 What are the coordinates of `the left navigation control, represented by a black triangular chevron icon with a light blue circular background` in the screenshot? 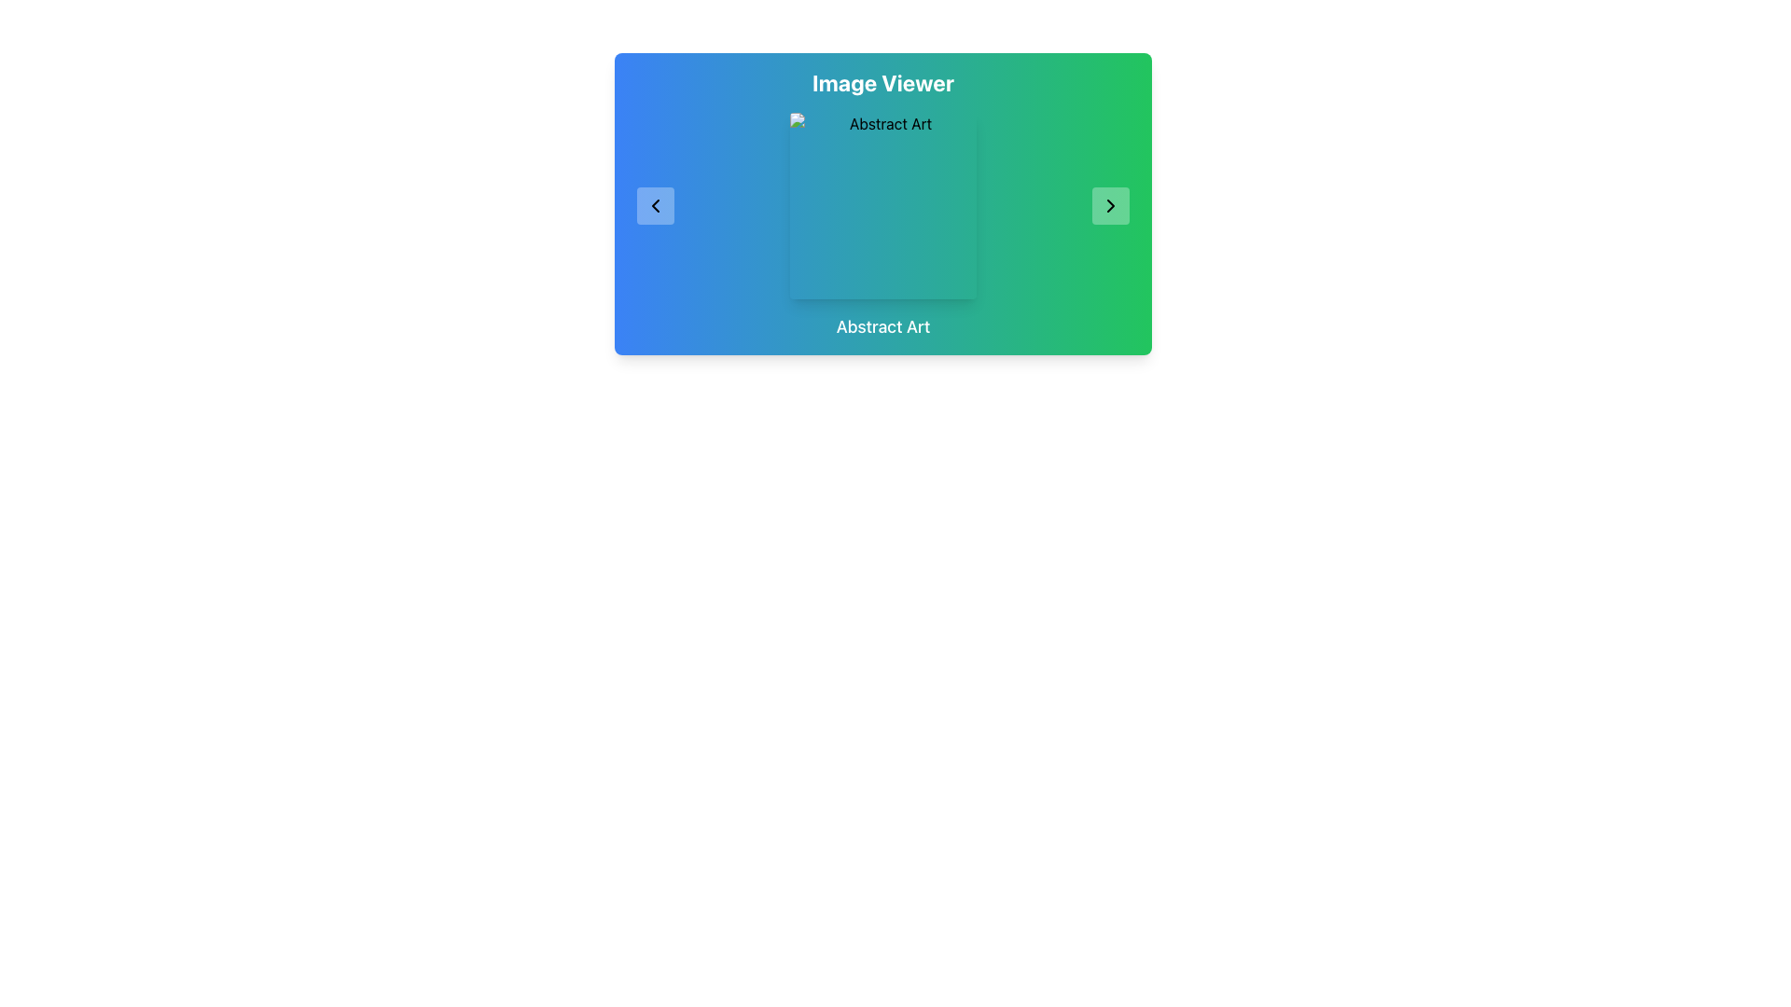 It's located at (655, 205).